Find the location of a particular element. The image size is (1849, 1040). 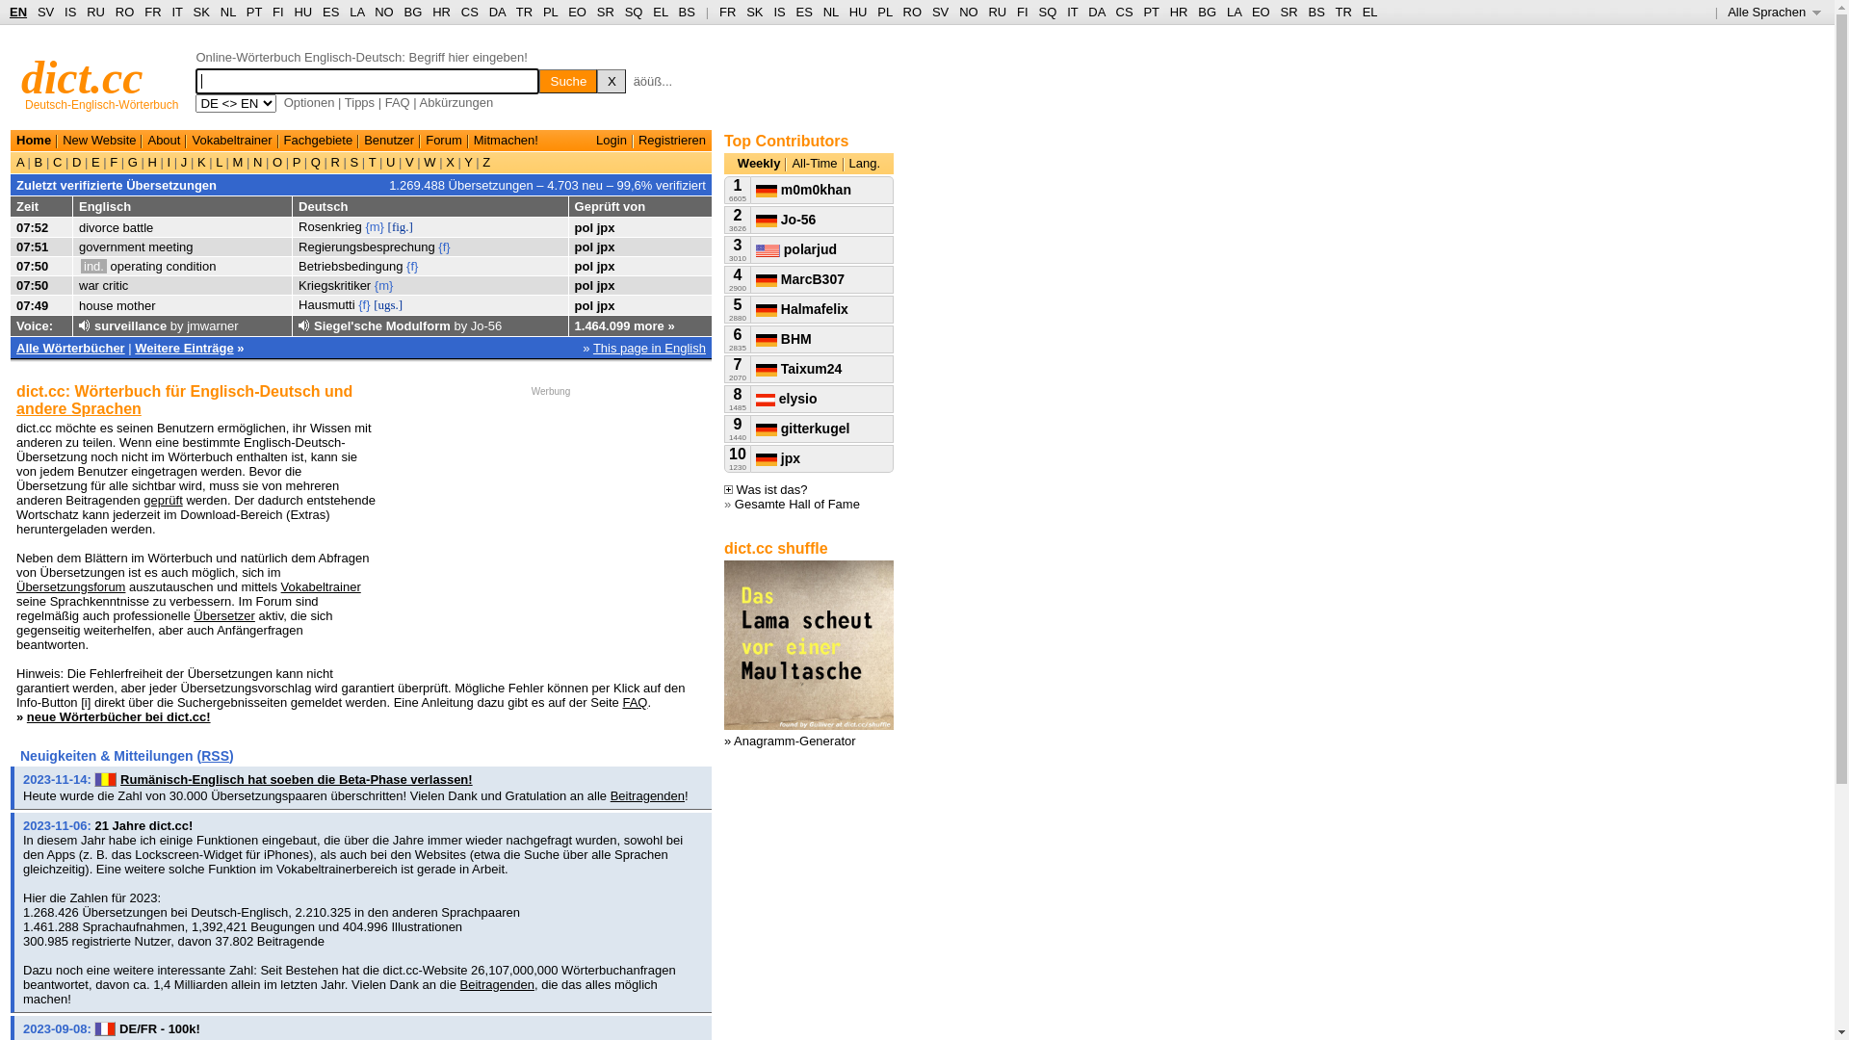

'HR' is located at coordinates (1178, 12).